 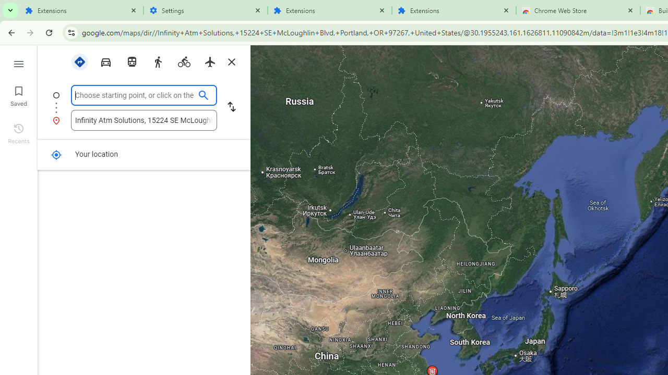 What do you see at coordinates (18, 95) in the screenshot?
I see `'Saved'` at bounding box center [18, 95].